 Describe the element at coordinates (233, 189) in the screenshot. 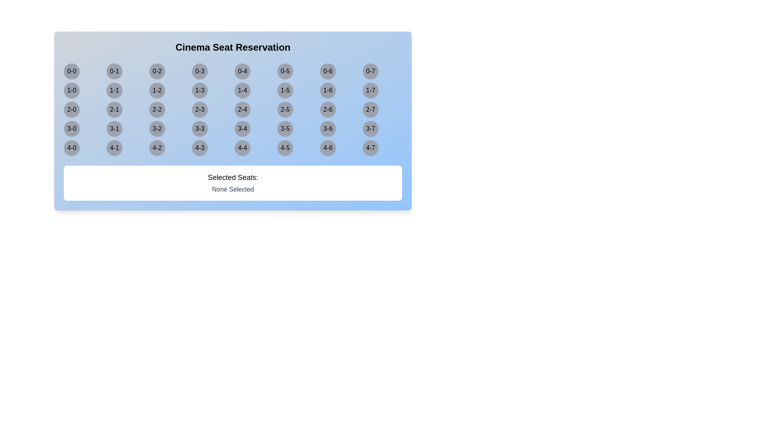

I see `the text label displaying 'None Selected' in gray font, located below the heading 'Selected Seats:'` at that location.